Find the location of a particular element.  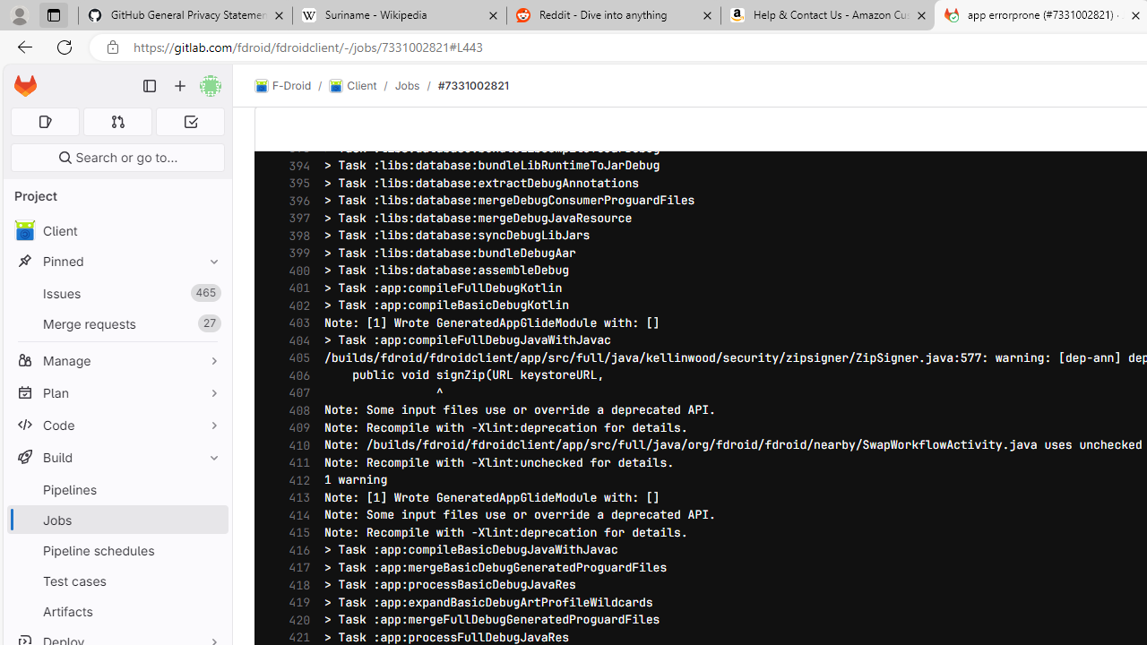

'417' is located at coordinates (295, 567).